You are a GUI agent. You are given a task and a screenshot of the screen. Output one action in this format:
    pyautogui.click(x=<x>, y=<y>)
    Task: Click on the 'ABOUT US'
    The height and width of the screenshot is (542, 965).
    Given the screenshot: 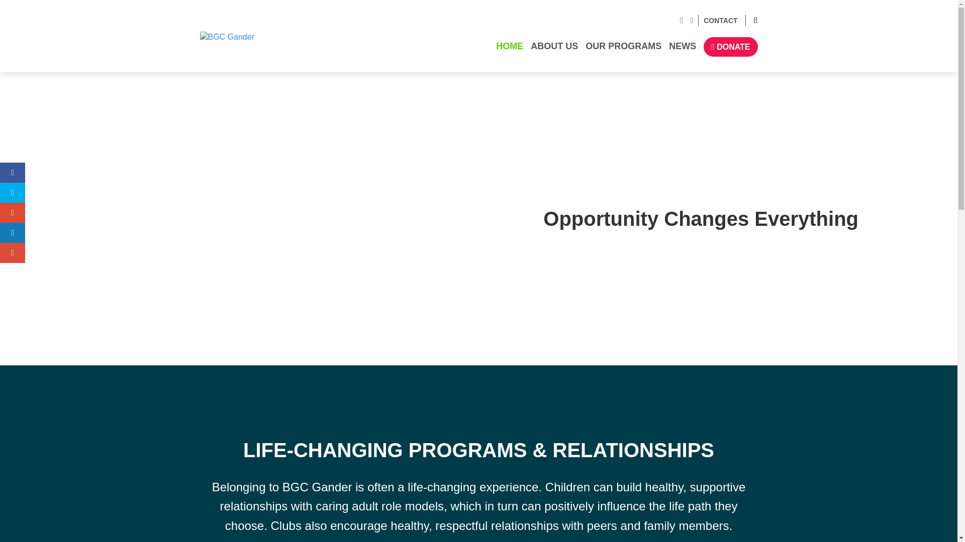 What is the action you would take?
    pyautogui.click(x=554, y=50)
    